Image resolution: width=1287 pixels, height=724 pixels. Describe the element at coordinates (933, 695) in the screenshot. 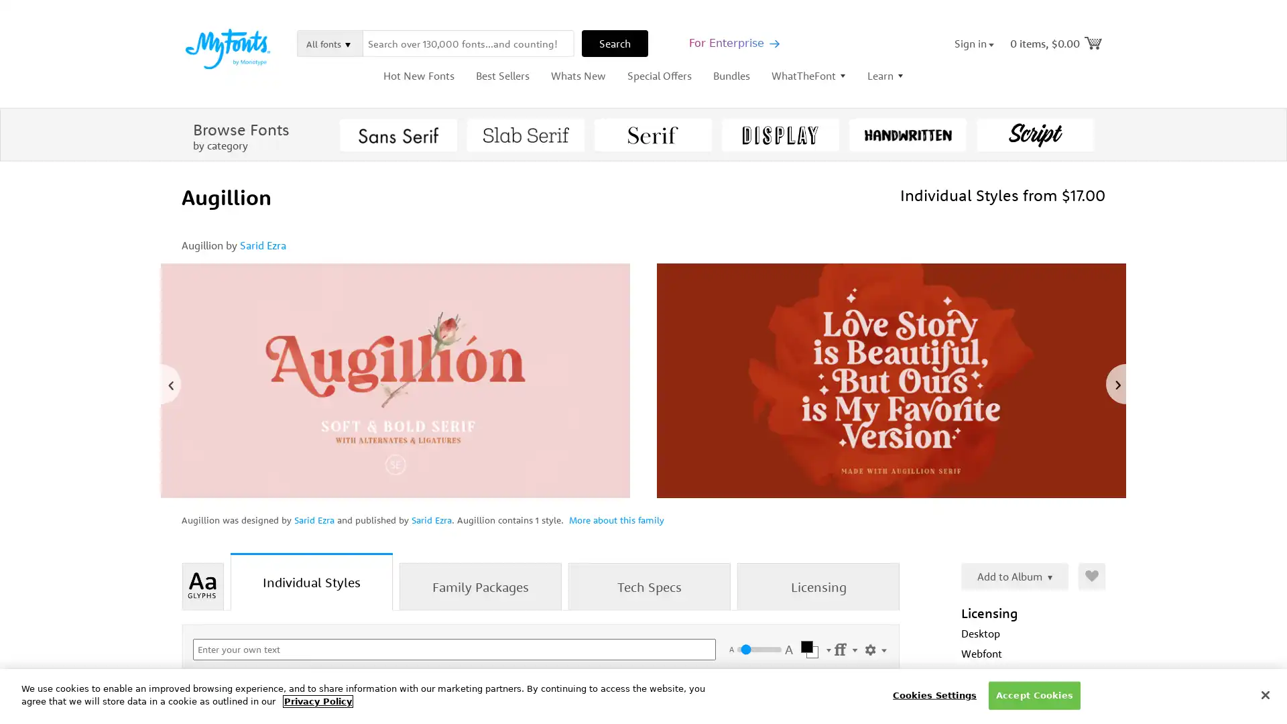

I see `Cookies Settings` at that location.